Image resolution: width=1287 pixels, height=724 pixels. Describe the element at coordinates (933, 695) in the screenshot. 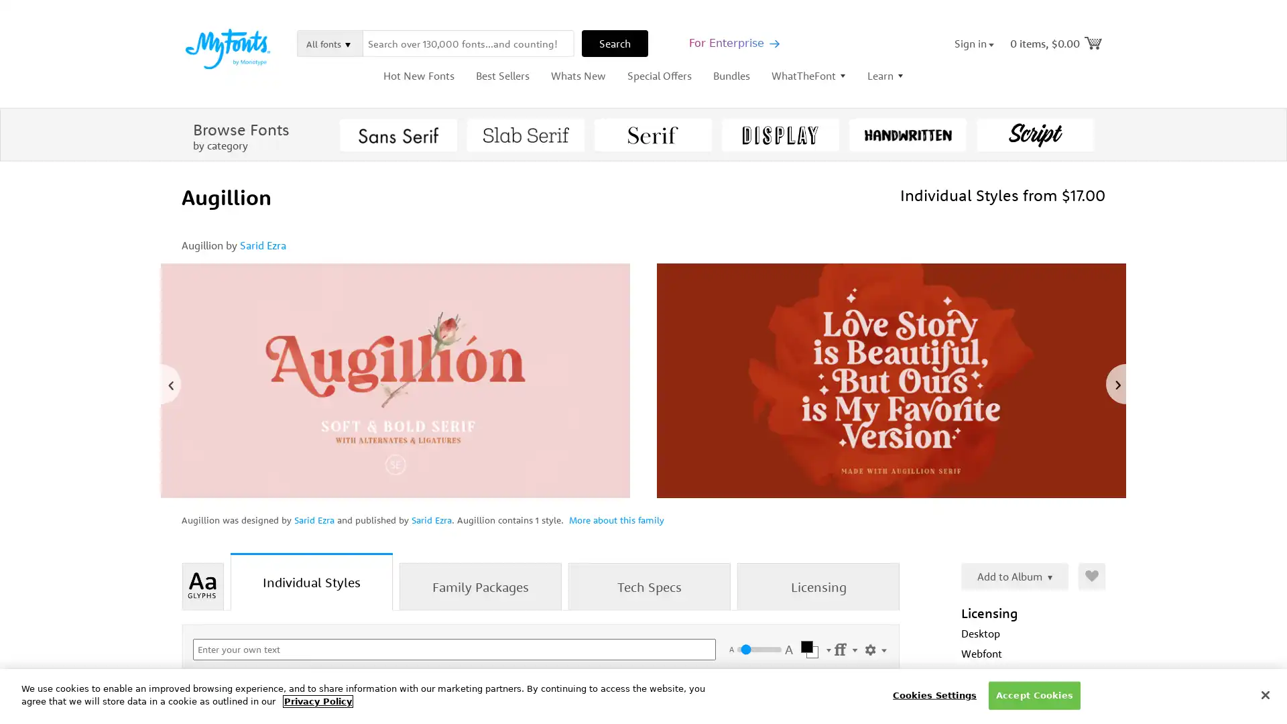

I see `Cookies Settings` at that location.